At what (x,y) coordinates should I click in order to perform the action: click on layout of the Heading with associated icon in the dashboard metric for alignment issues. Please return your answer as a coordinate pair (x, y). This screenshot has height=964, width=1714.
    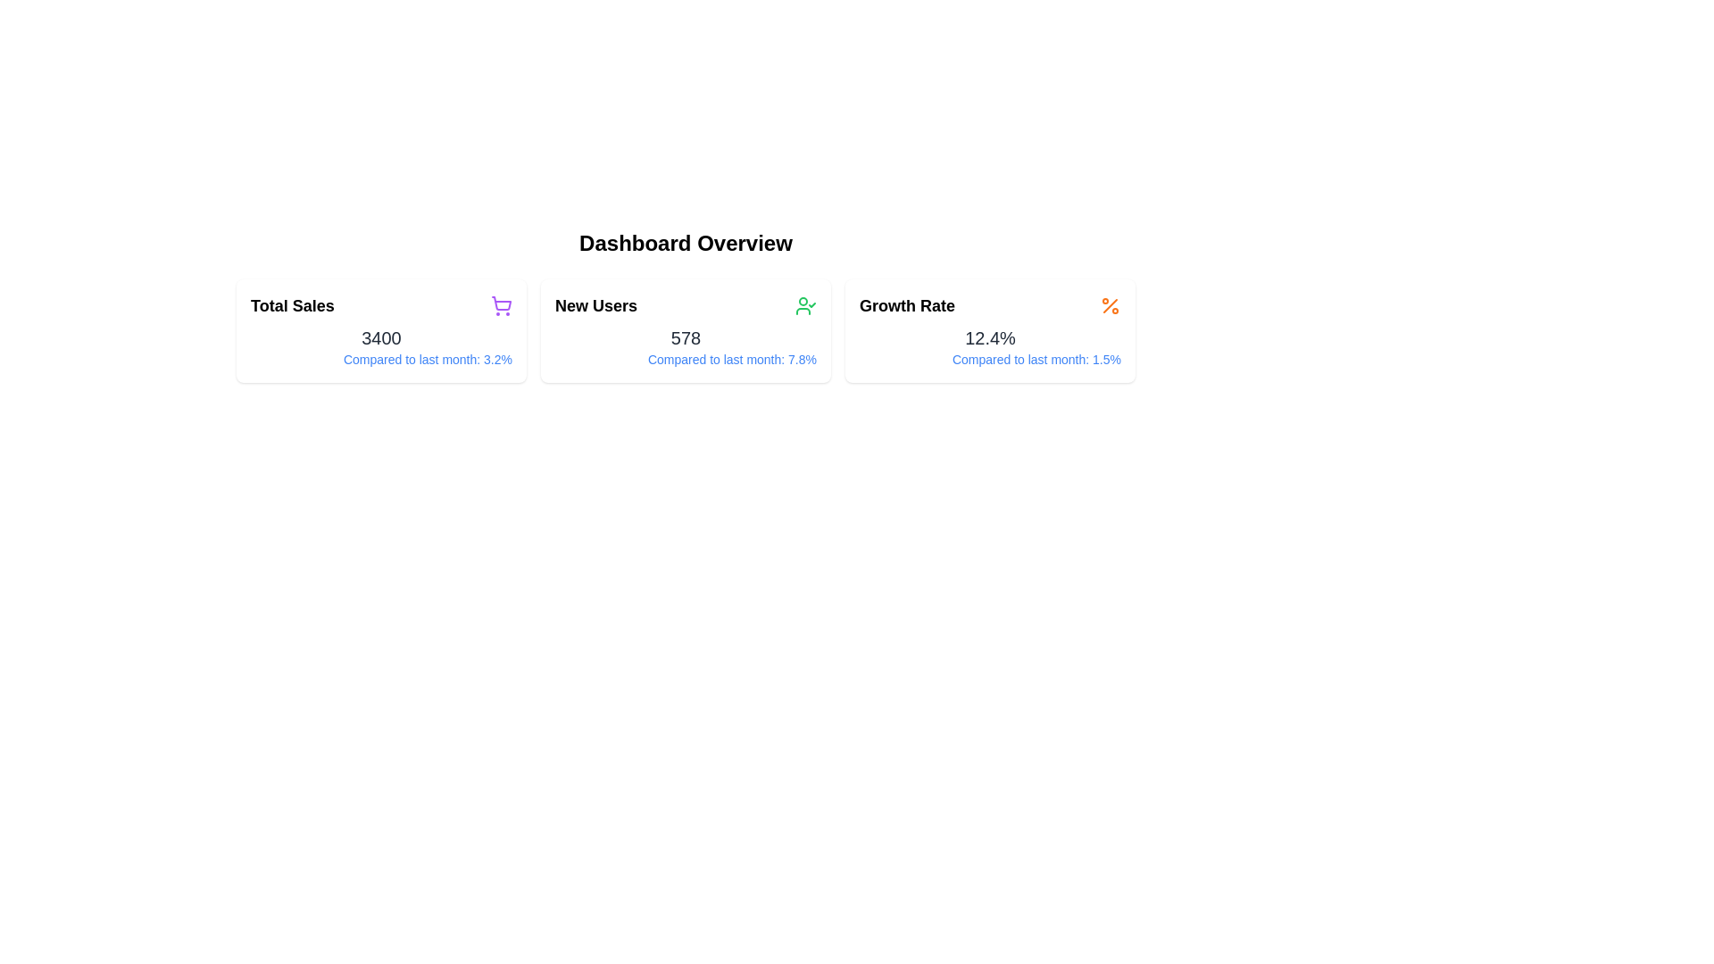
    Looking at the image, I should click on (380, 305).